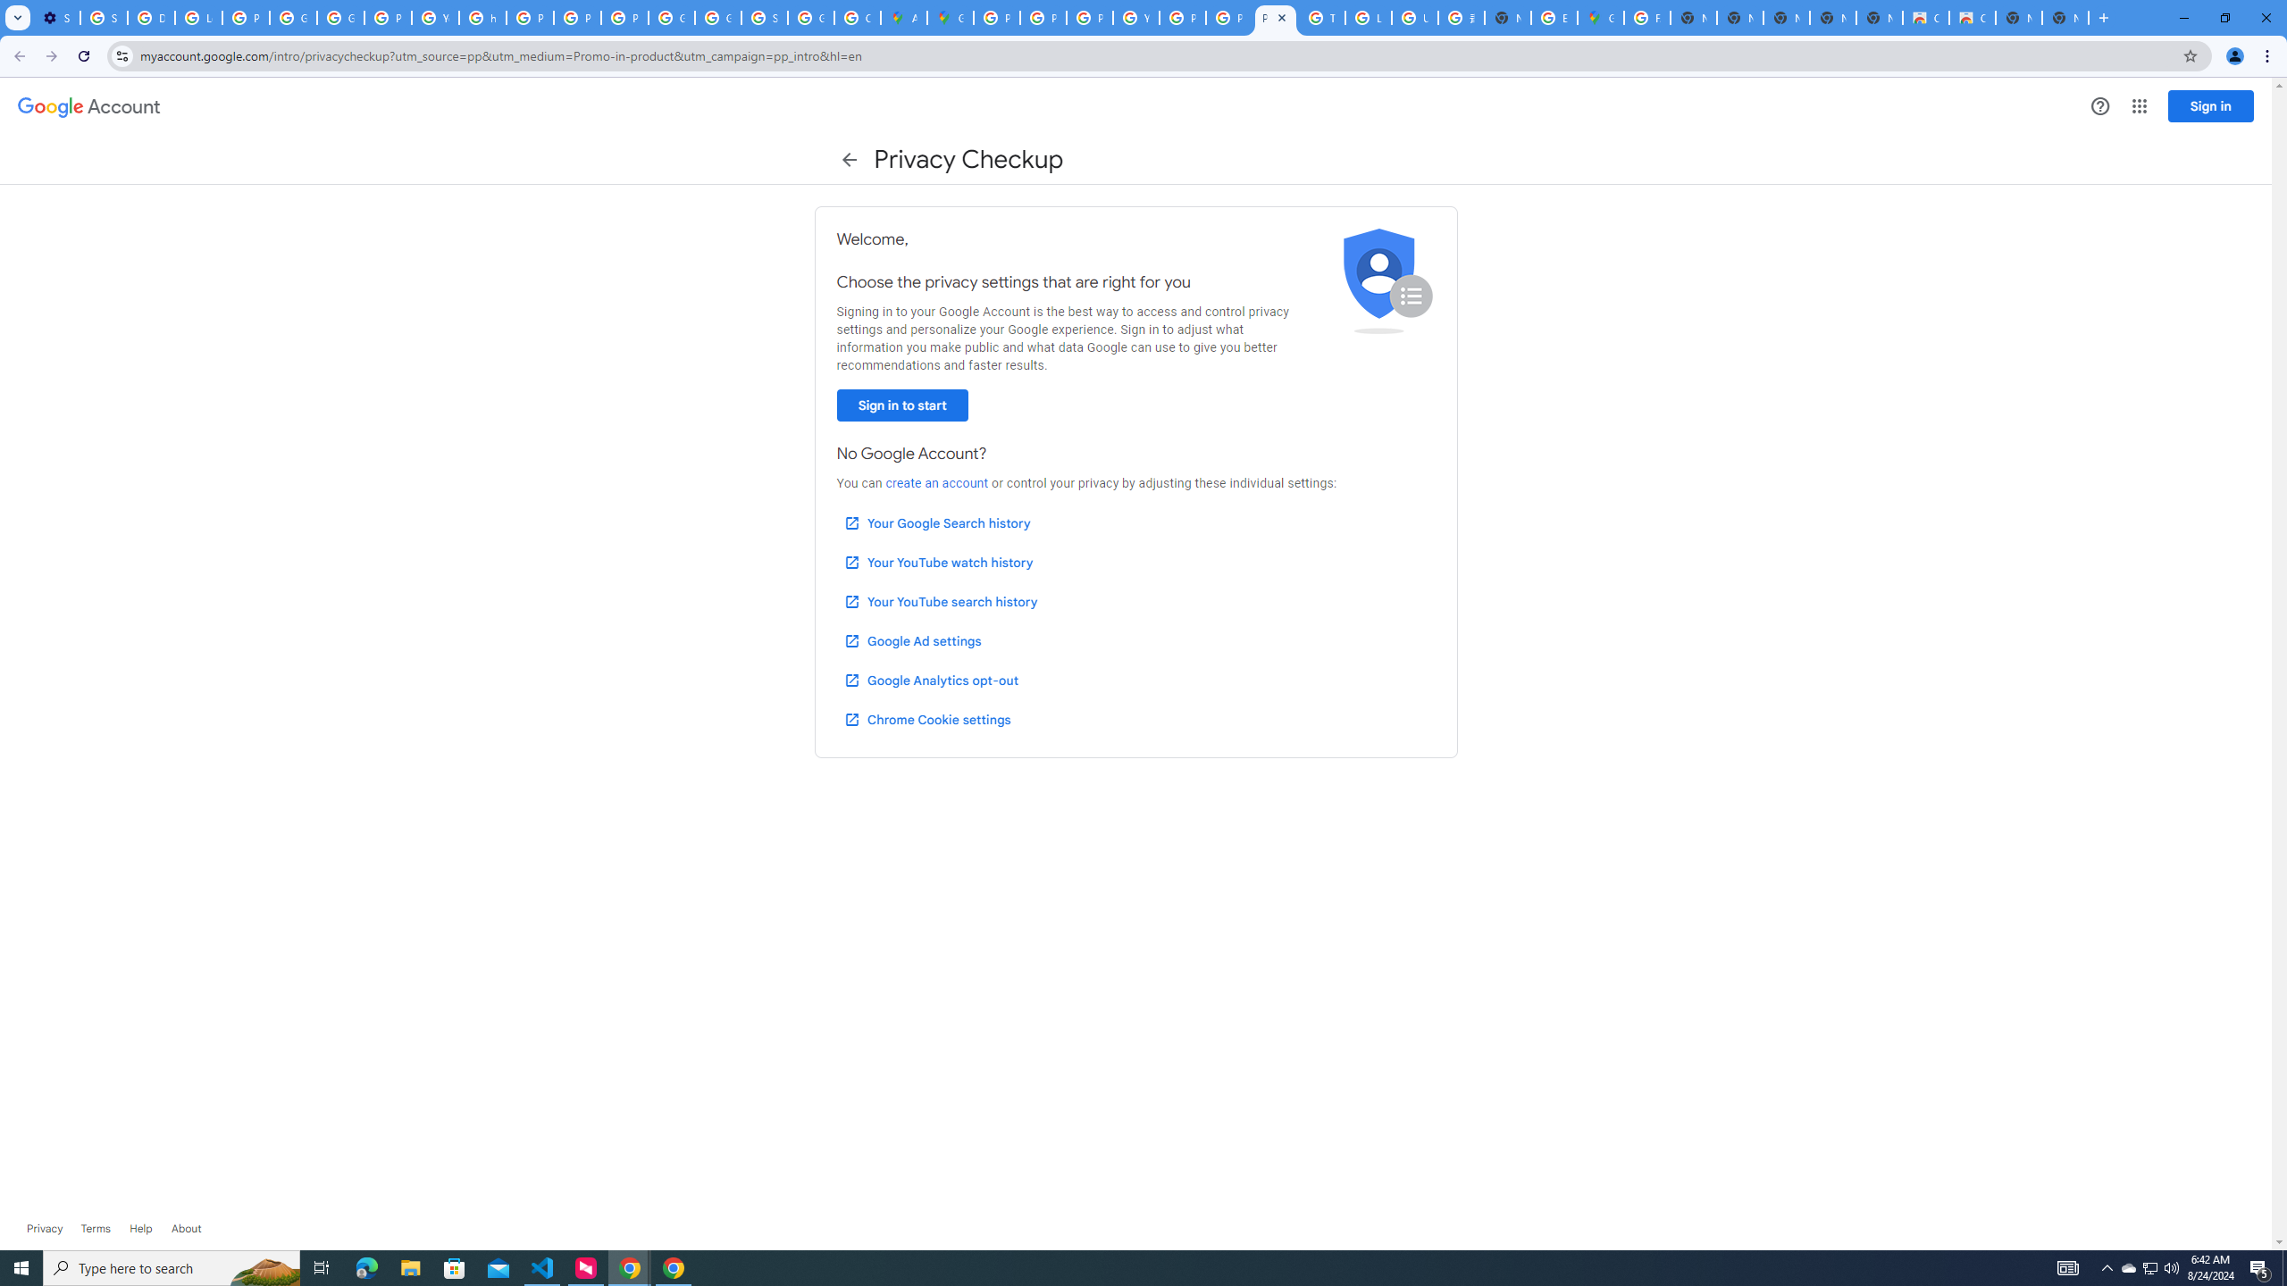  I want to click on 'Your YouTube watch history', so click(937, 562).